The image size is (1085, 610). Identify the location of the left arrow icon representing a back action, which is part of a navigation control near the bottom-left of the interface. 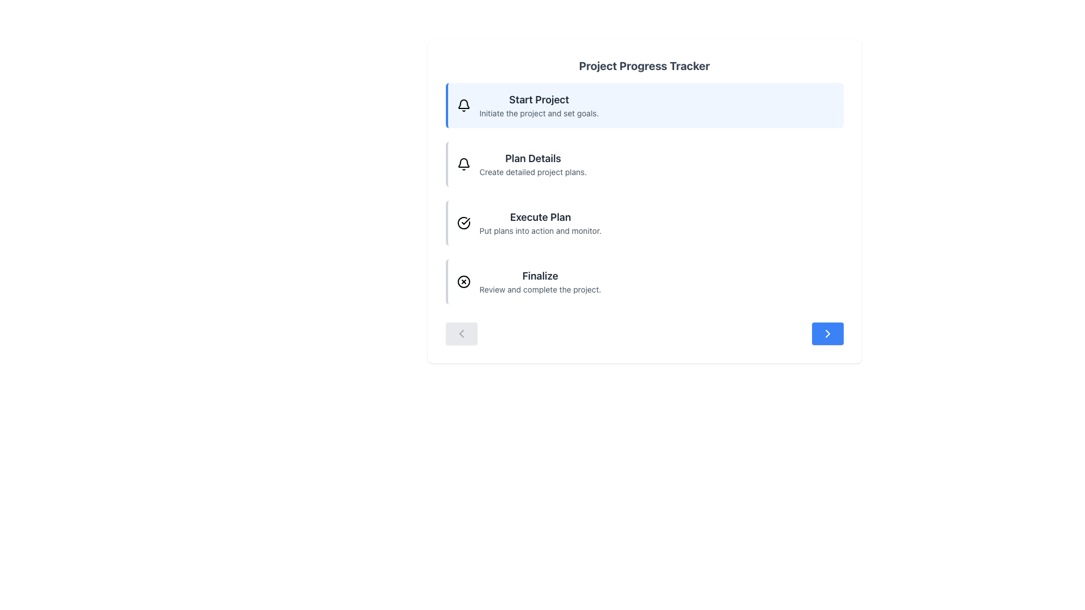
(461, 333).